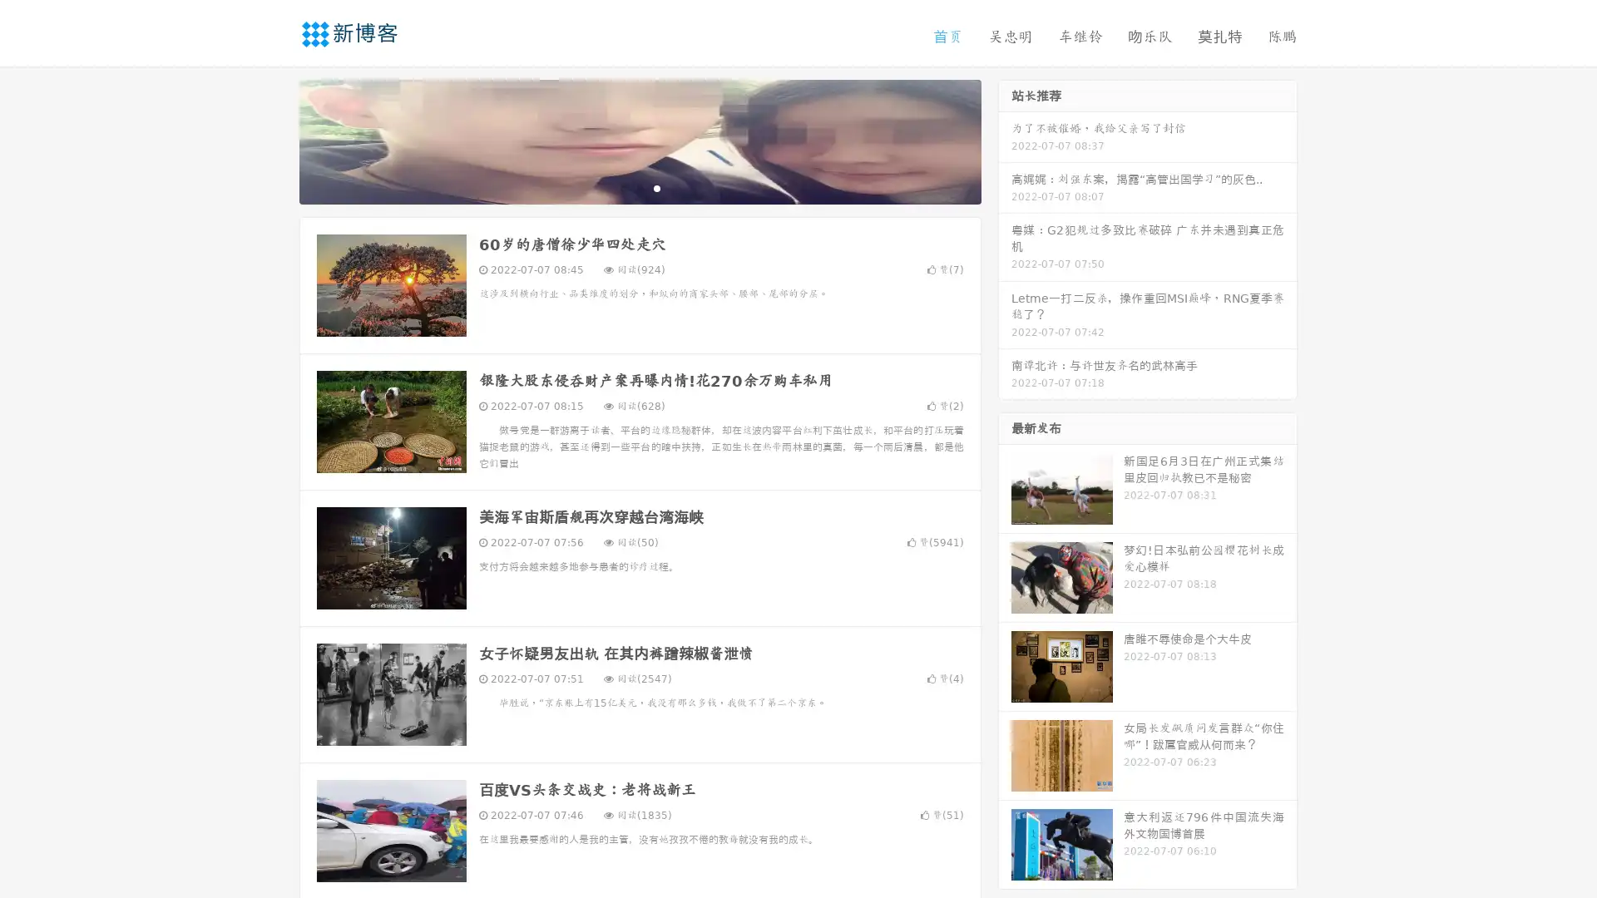  Describe the element at coordinates (274, 140) in the screenshot. I see `Previous slide` at that location.